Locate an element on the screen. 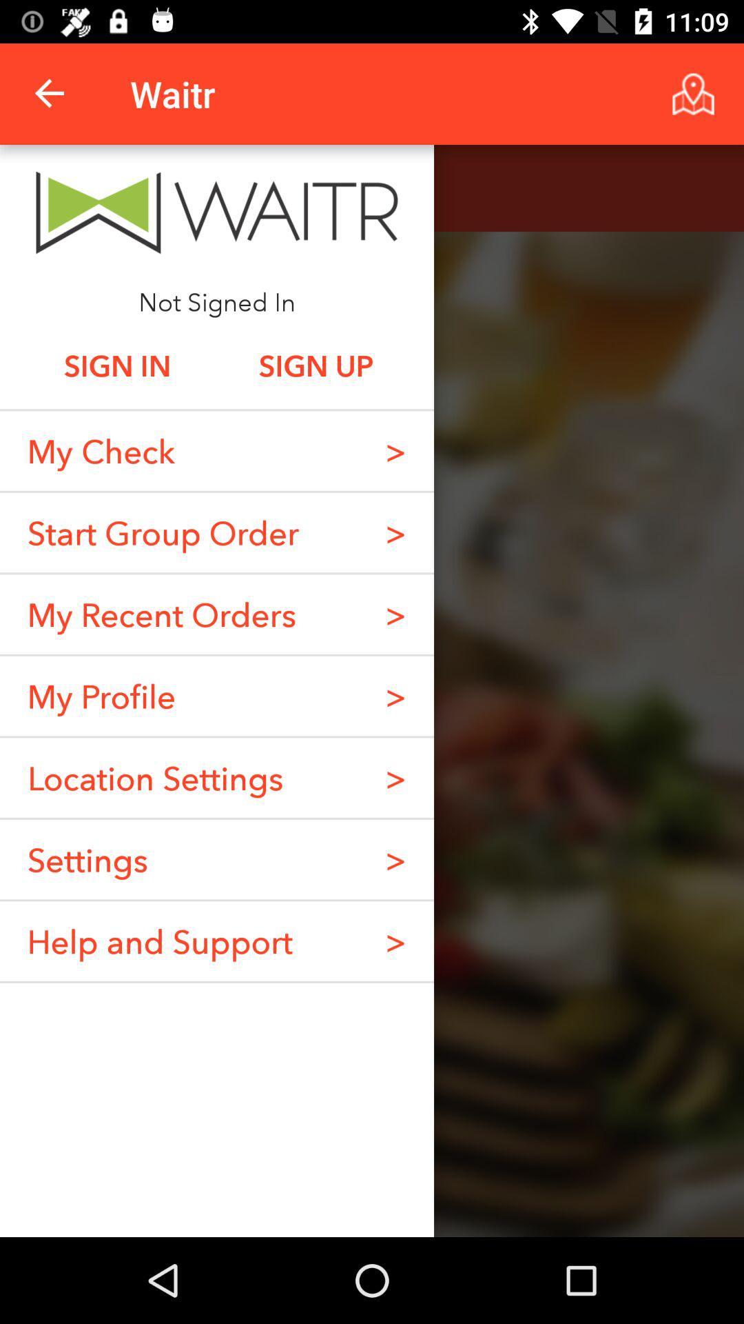  the item next to sign up is located at coordinates (116, 365).